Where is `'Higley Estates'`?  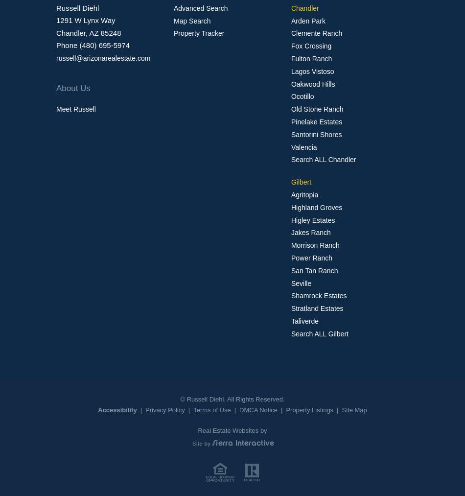 'Higley Estates' is located at coordinates (312, 219).